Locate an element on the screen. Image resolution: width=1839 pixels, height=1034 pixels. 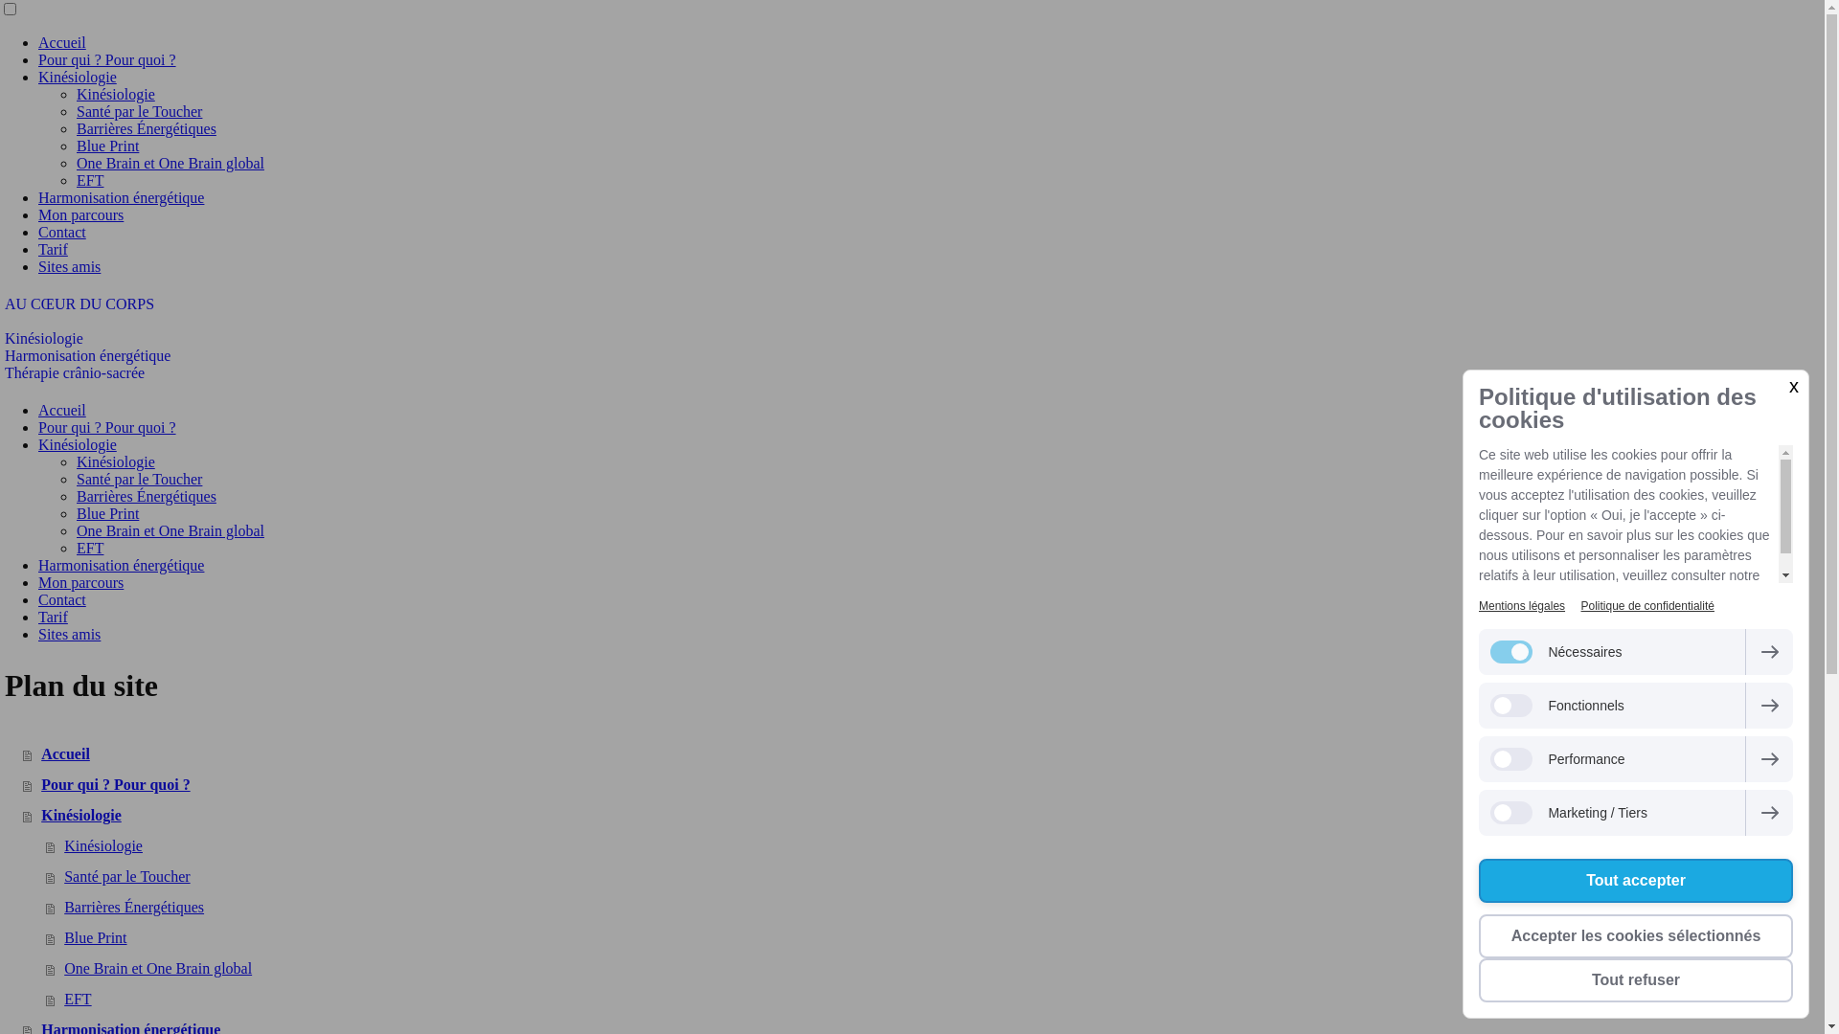
'Tarif' is located at coordinates (53, 617).